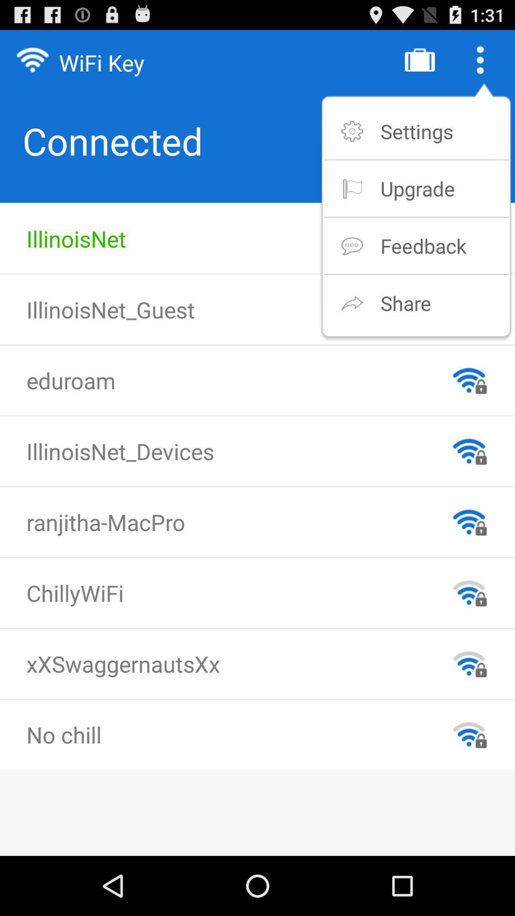  Describe the element at coordinates (422, 246) in the screenshot. I see `item above share item` at that location.